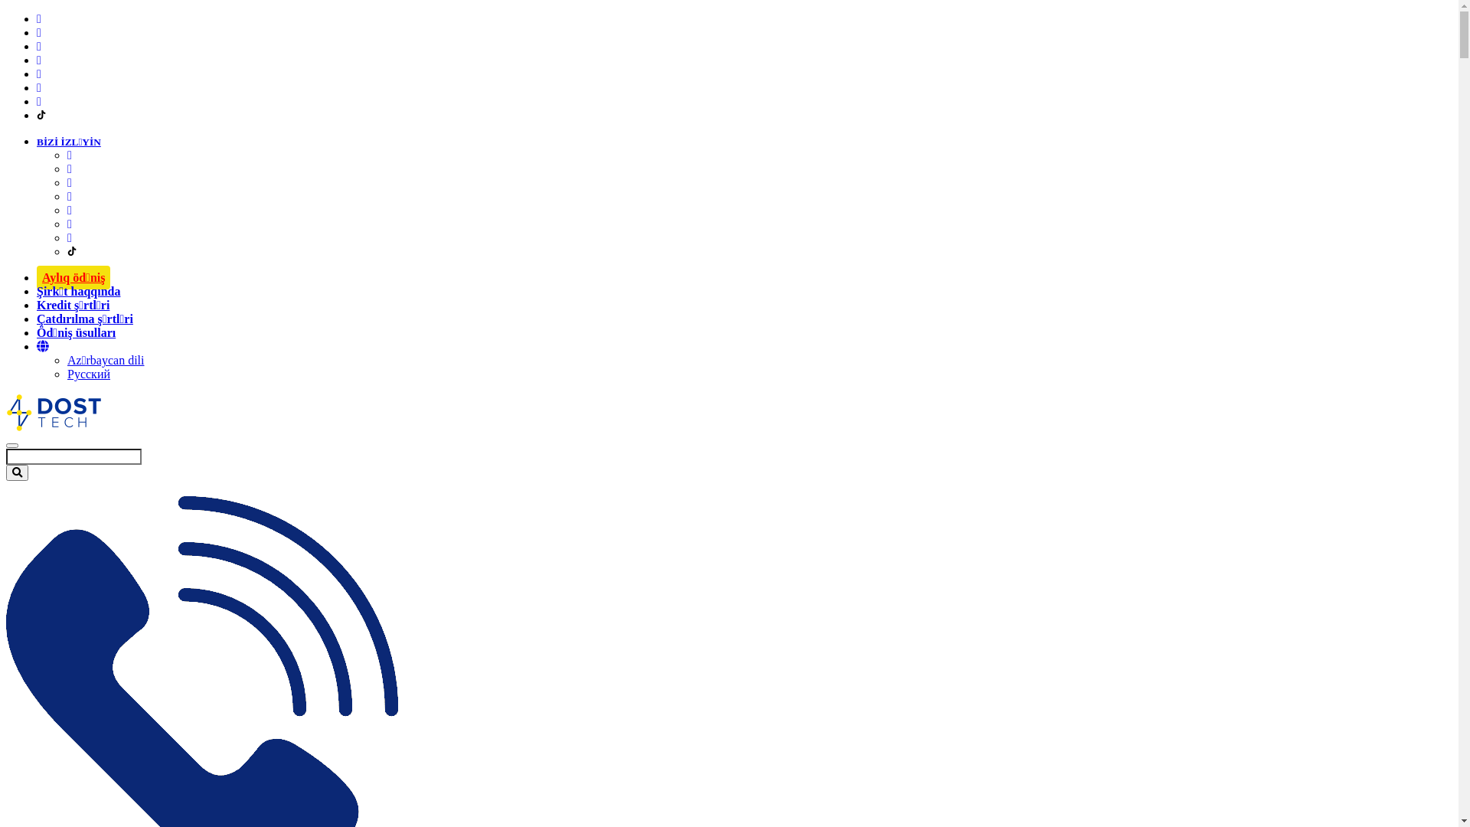  What do you see at coordinates (69, 181) in the screenshot?
I see `'Linkedin'` at bounding box center [69, 181].